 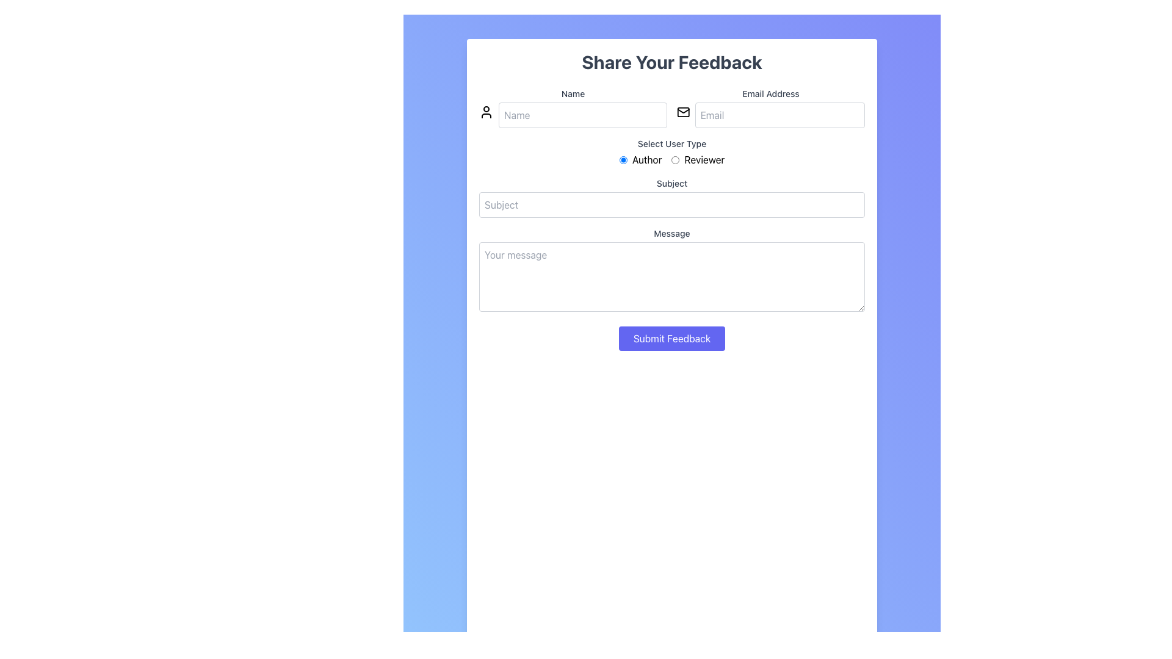 I want to click on the radio button, so click(x=675, y=159).